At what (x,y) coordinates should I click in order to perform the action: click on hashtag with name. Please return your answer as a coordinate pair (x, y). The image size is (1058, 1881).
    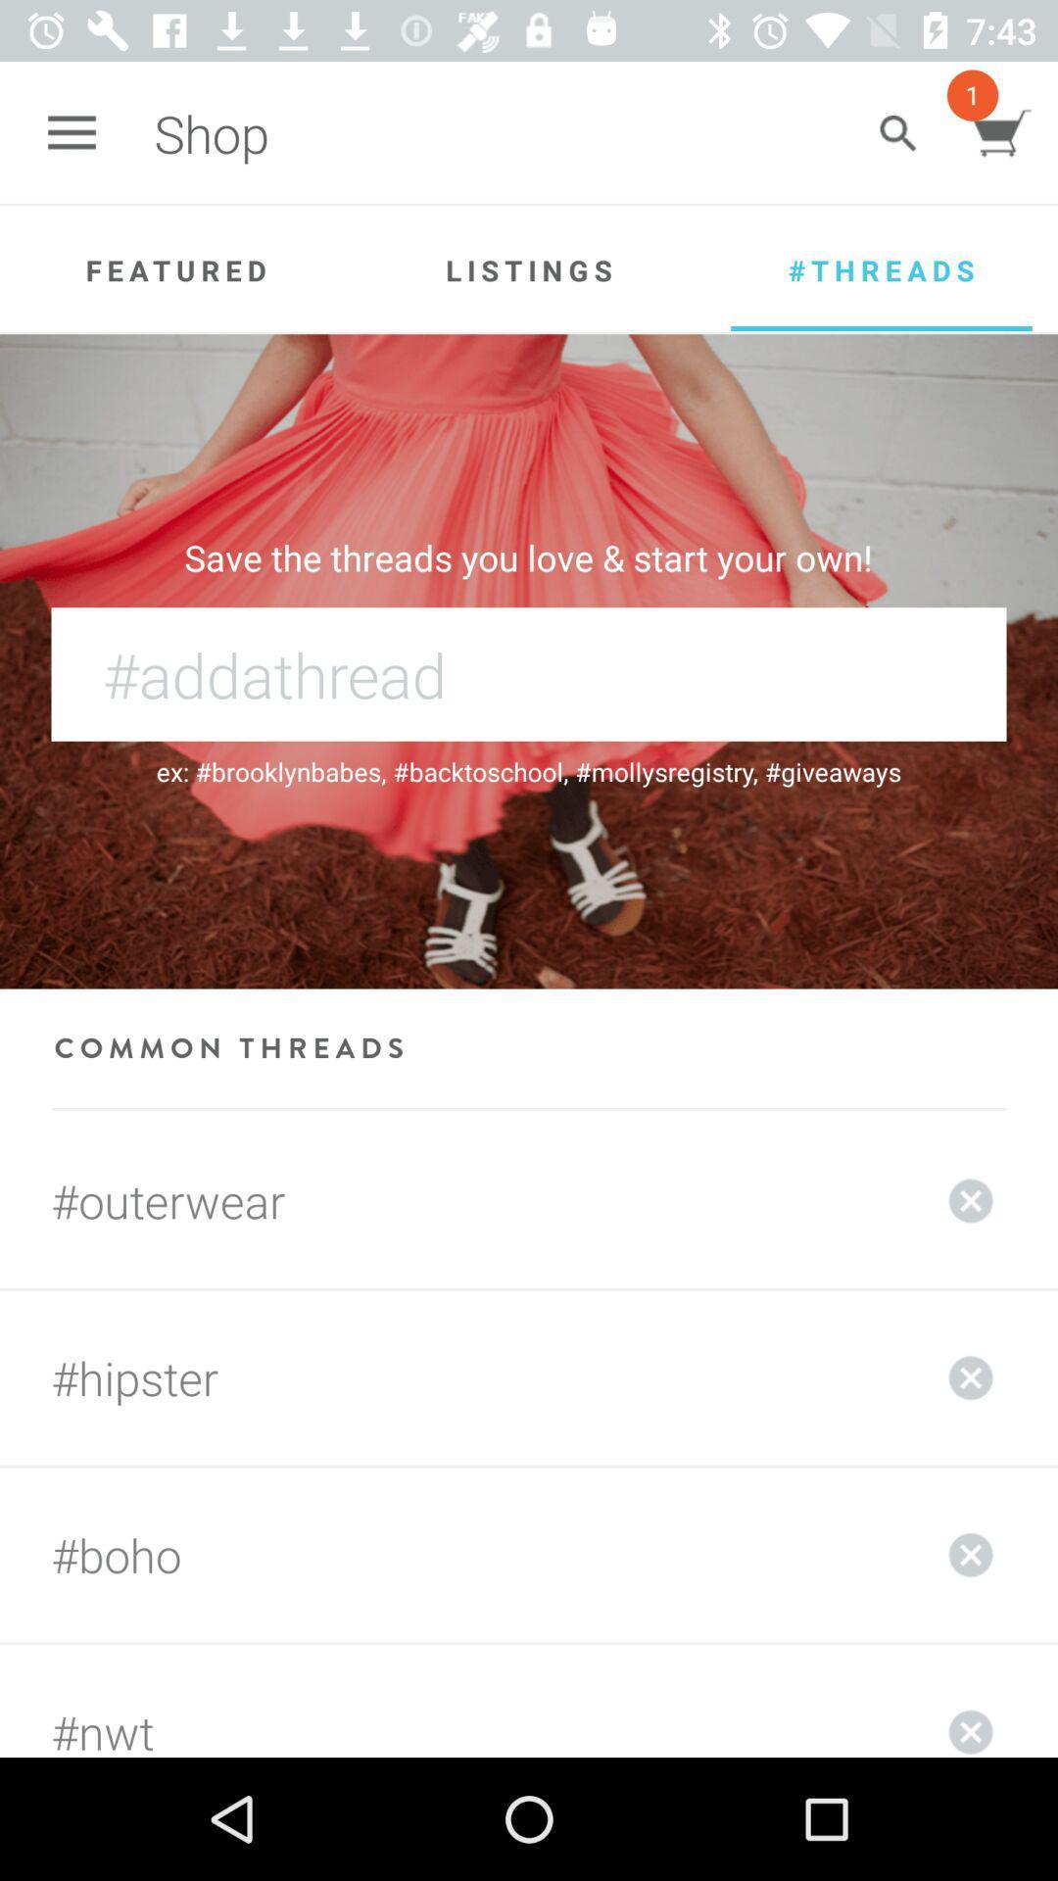
    Looking at the image, I should click on (529, 674).